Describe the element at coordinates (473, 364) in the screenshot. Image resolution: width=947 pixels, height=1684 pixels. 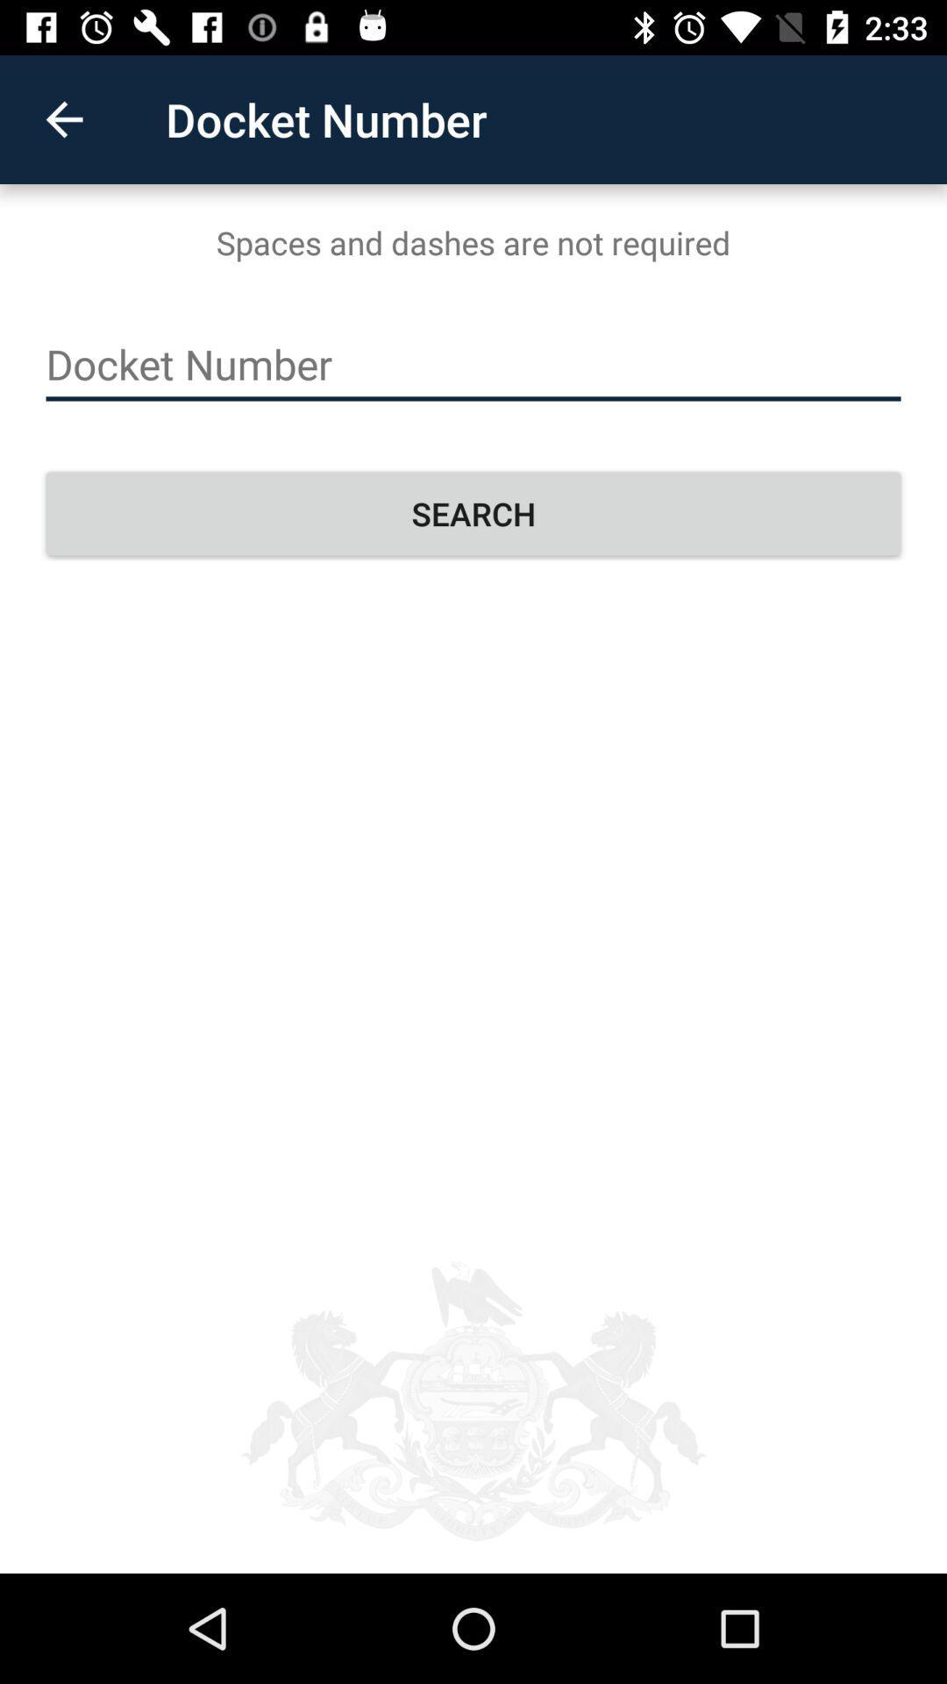
I see `the item above the search item` at that location.